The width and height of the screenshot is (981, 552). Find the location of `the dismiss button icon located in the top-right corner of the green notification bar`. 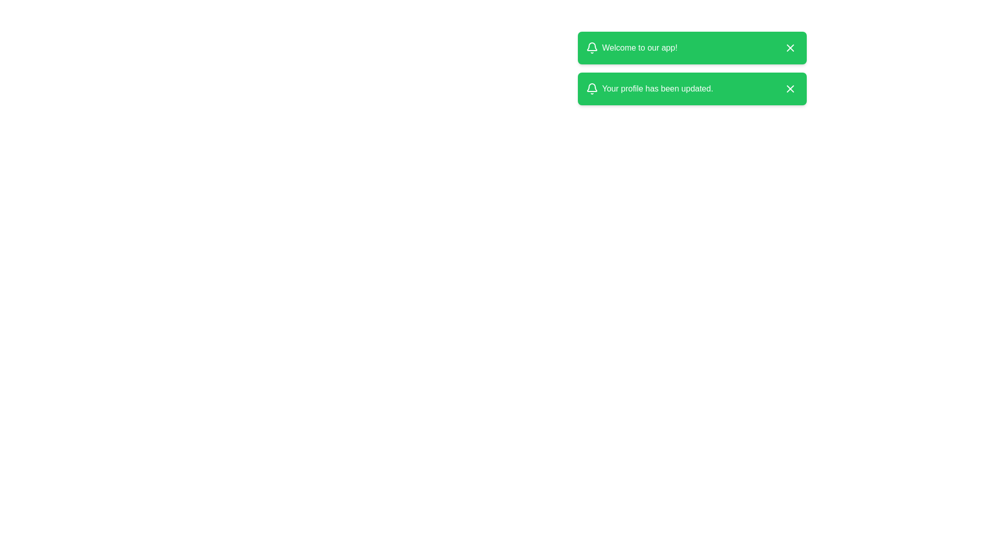

the dismiss button icon located in the top-right corner of the green notification bar is located at coordinates (789, 48).